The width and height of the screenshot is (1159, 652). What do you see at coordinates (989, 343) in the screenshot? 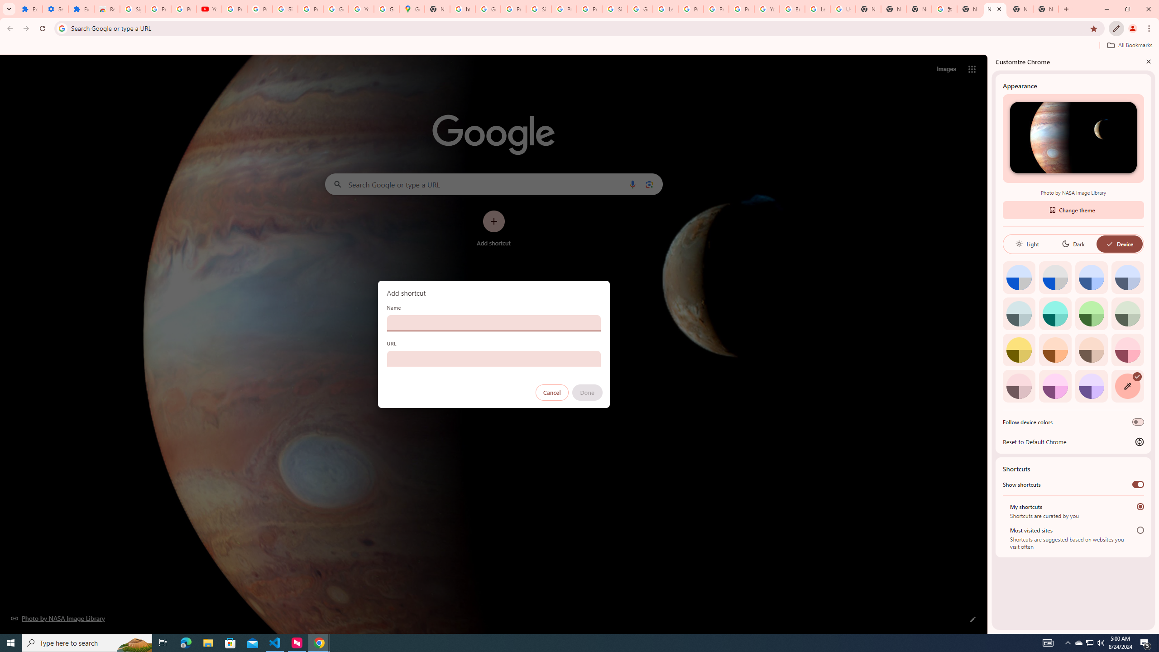
I see `'Side Panel Resize Handle'` at bounding box center [989, 343].